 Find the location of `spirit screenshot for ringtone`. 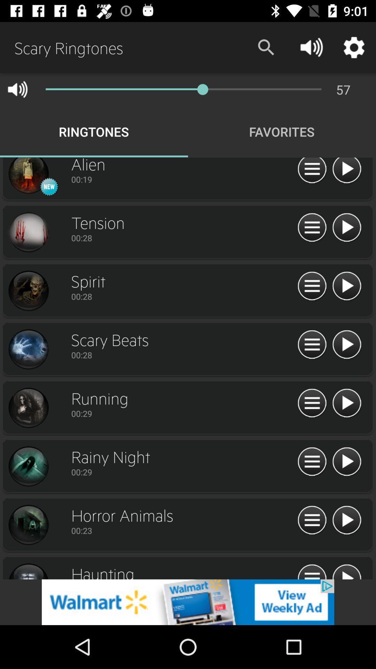

spirit screenshot for ringtone is located at coordinates (28, 291).